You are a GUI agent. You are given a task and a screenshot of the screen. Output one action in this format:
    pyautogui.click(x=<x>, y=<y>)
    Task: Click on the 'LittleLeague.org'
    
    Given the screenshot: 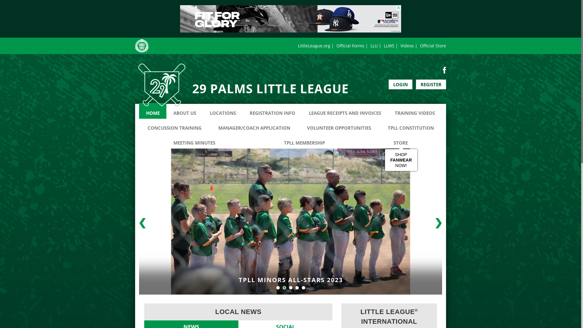 What is the action you would take?
    pyautogui.click(x=314, y=45)
    